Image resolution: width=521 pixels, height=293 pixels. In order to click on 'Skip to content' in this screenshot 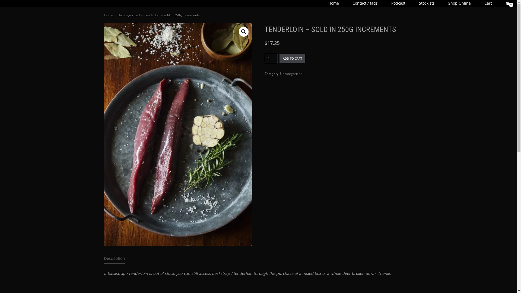, I will do `click(5, 3)`.